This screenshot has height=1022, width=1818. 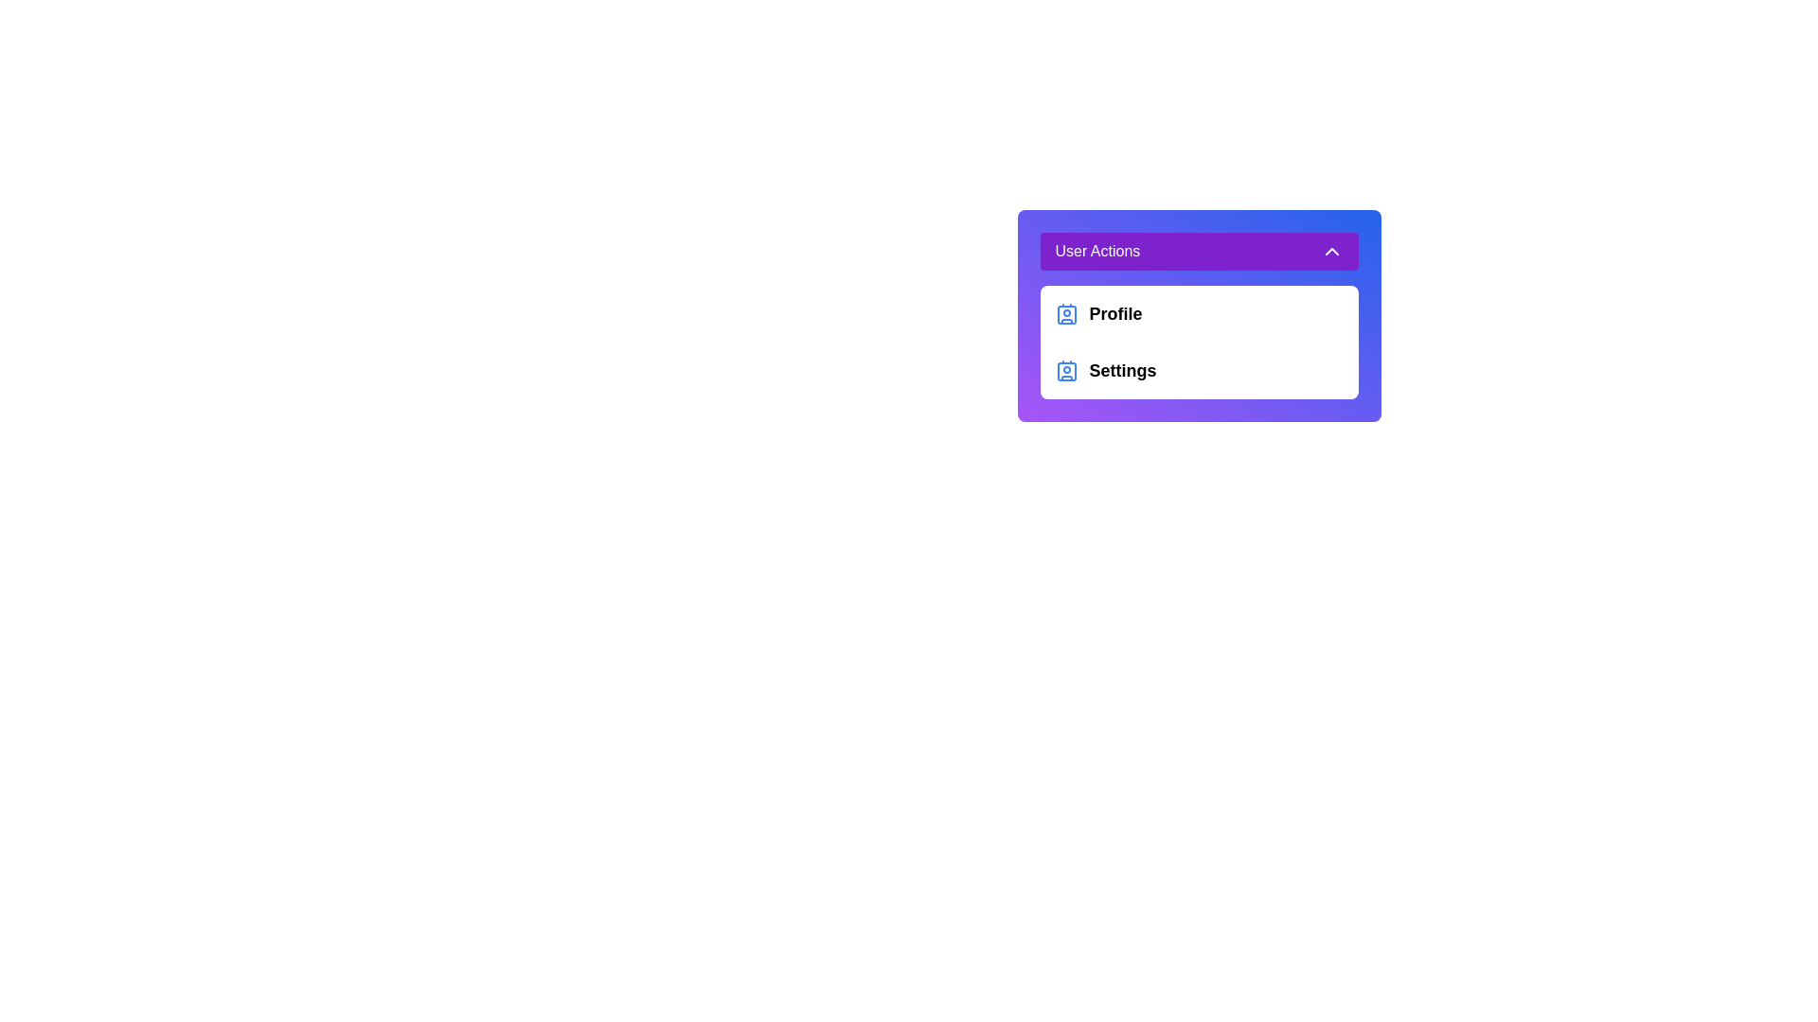 I want to click on the icon that visually indicates the 'Settings' option in the dropdown menu, located to the left of the text 'Settings', below the 'User Actions' label, so click(x=1066, y=371).